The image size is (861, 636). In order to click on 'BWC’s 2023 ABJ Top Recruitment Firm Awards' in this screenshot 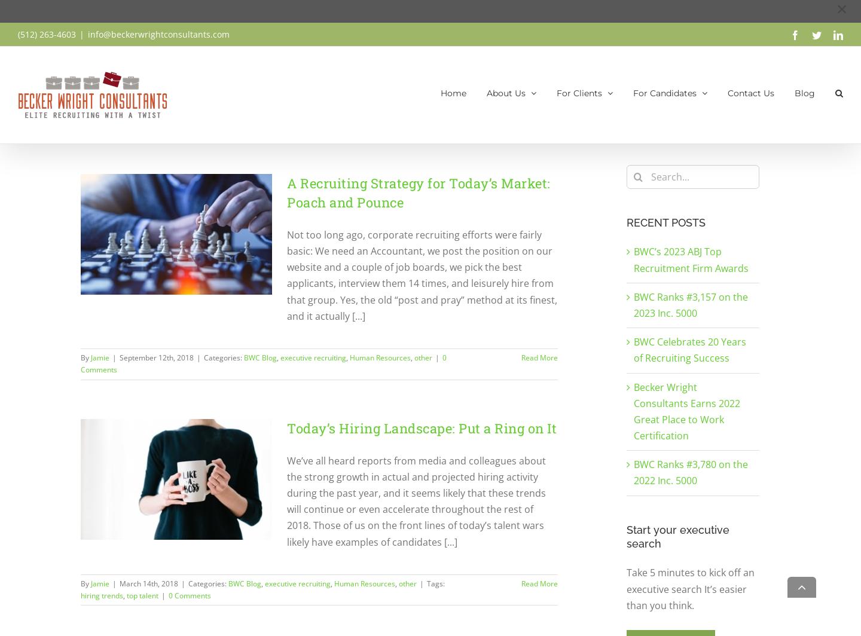, I will do `click(691, 259)`.